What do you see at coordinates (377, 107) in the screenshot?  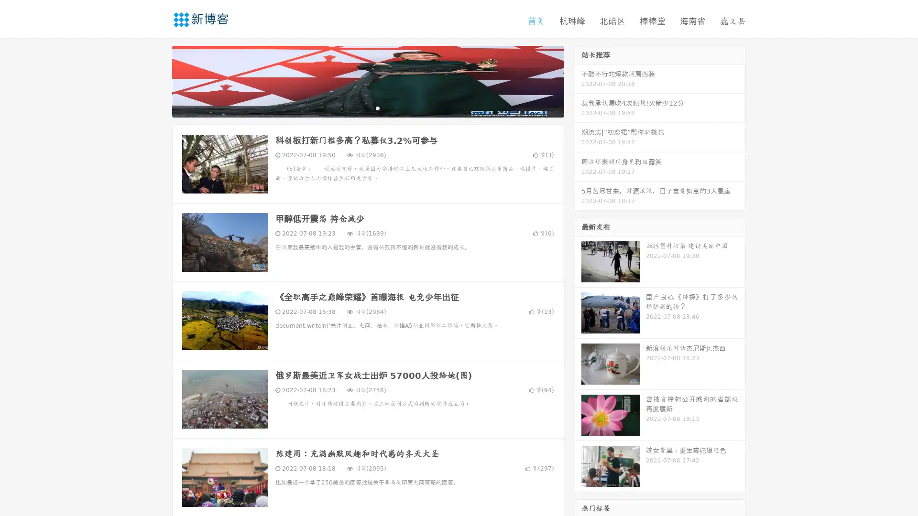 I see `Go to slide 3` at bounding box center [377, 107].